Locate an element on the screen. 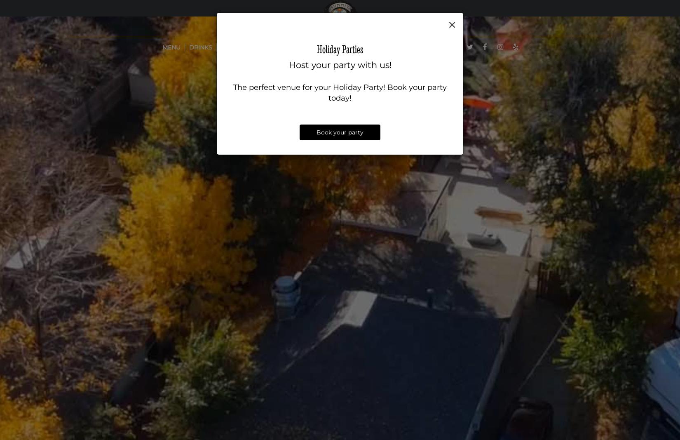 Image resolution: width=680 pixels, height=440 pixels. 'Specials' is located at coordinates (234, 47).